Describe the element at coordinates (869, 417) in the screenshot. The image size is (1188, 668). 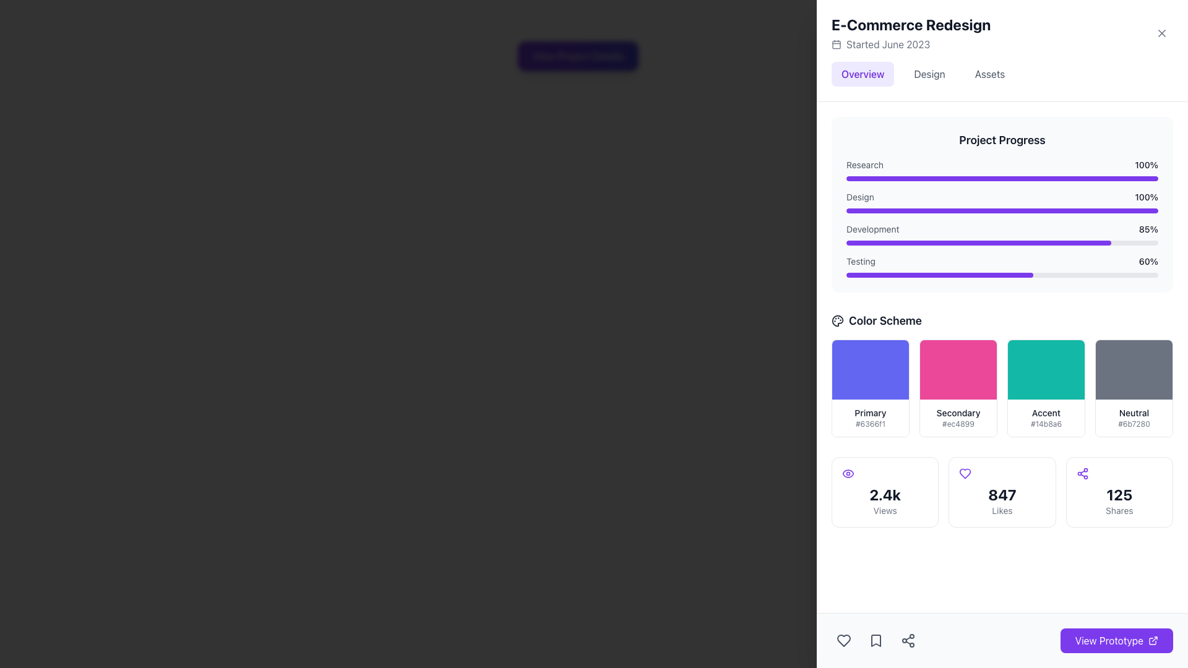
I see `text of the label displaying the color name 'Primary' and the hexadecimal code '#6366f1', located in the 'Color Scheme' section, beneath the purple-filled rectangular area` at that location.